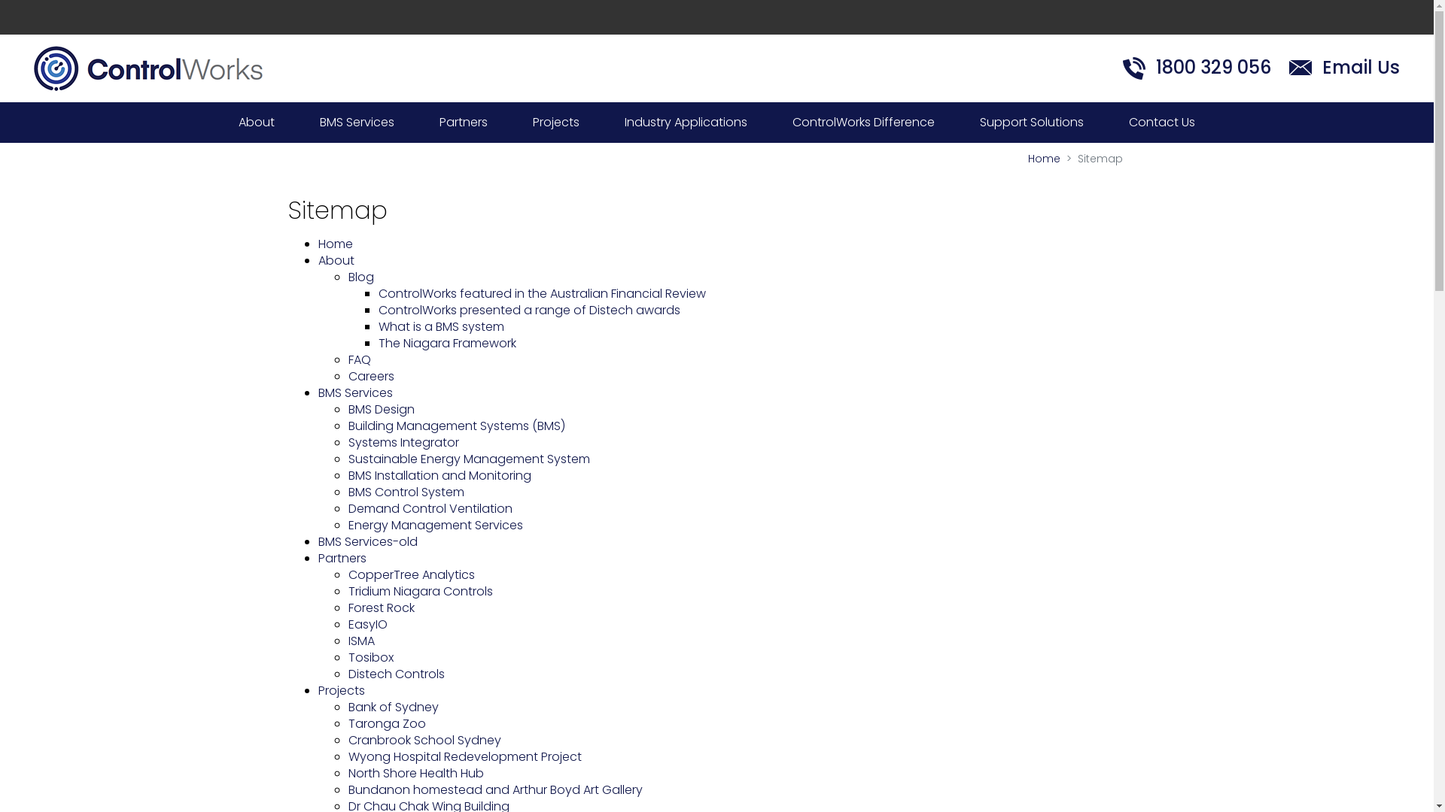 The width and height of the screenshot is (1445, 812). What do you see at coordinates (356, 121) in the screenshot?
I see `'BMS Services'` at bounding box center [356, 121].